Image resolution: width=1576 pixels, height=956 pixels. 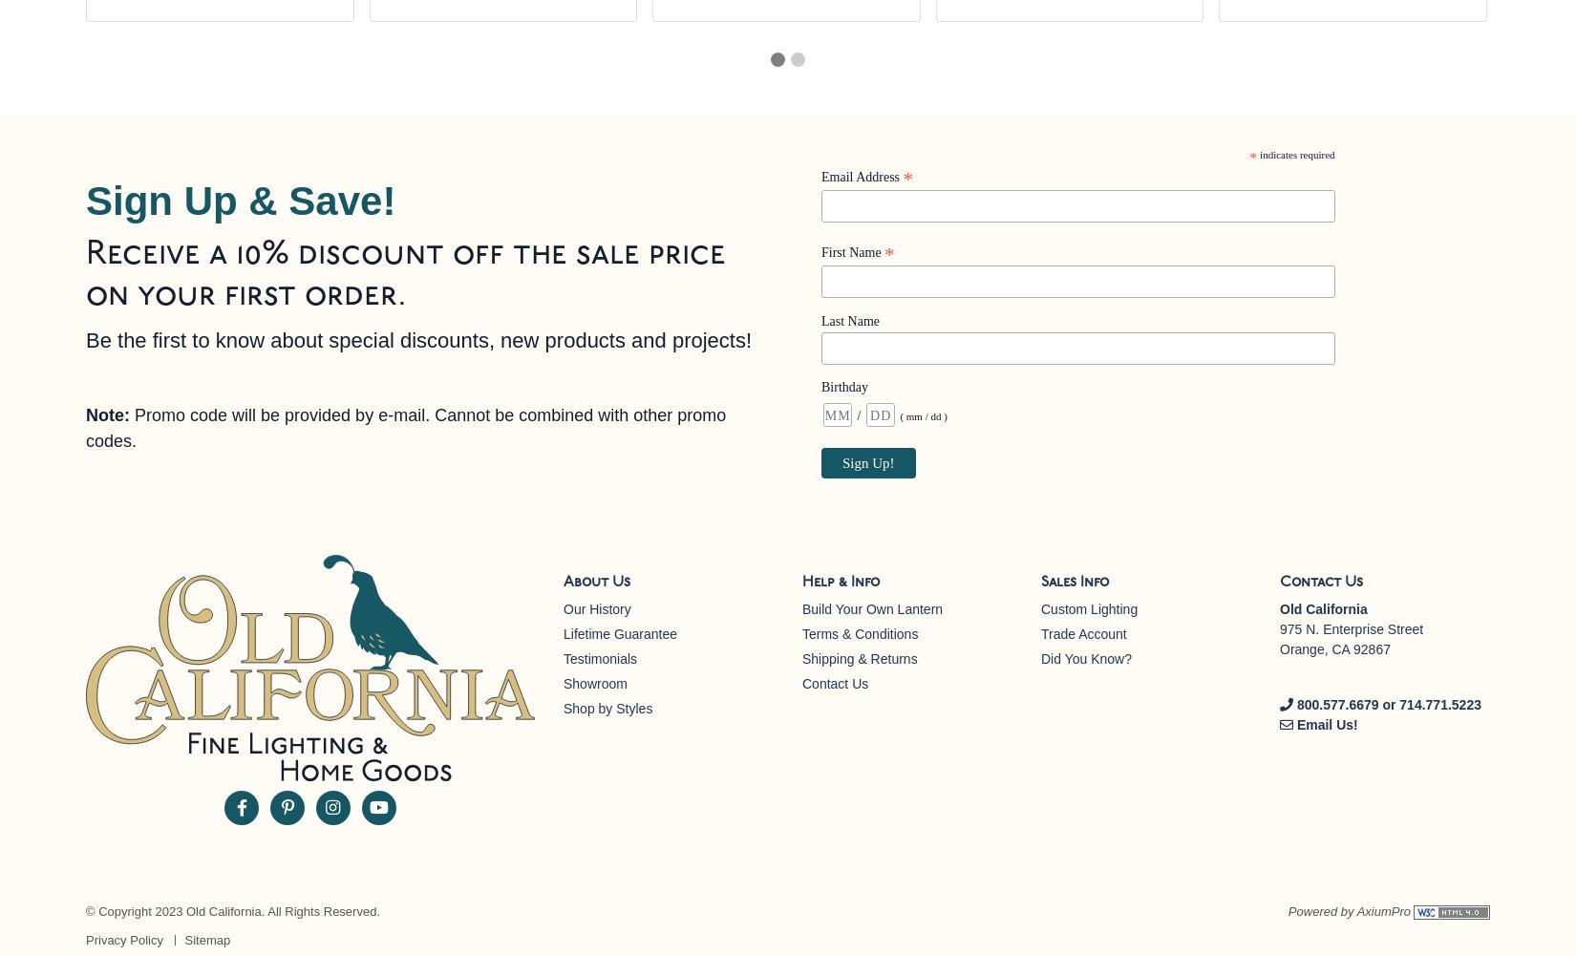 What do you see at coordinates (563, 583) in the screenshot?
I see `'About Us'` at bounding box center [563, 583].